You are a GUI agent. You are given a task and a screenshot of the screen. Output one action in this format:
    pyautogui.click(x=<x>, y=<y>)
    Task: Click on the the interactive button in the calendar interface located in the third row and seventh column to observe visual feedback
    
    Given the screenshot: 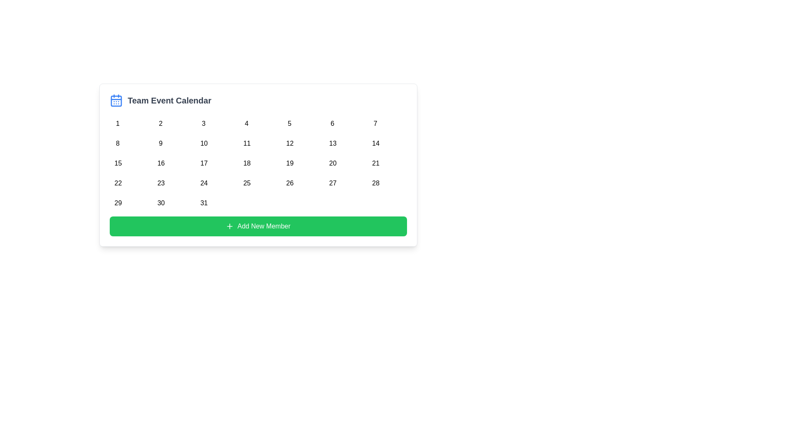 What is the action you would take?
    pyautogui.click(x=375, y=161)
    